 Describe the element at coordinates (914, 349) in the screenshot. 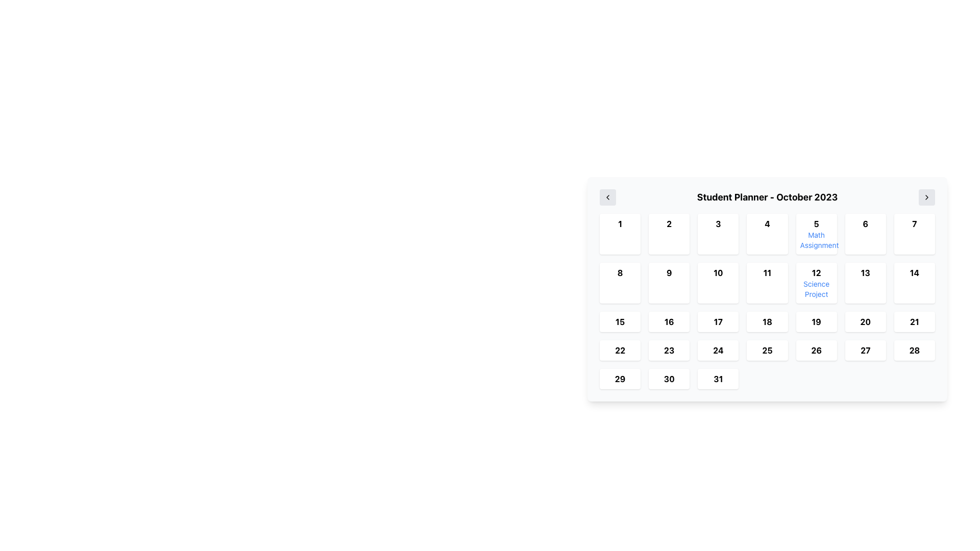

I see `the Date cell representing the 28th day of the month in the calendar grid` at that location.